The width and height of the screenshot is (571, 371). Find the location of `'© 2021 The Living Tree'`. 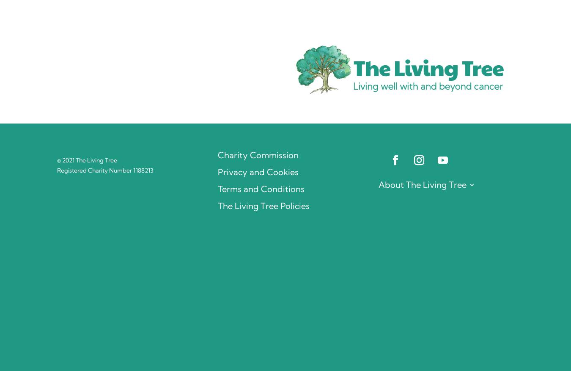

'© 2021 The Living Tree' is located at coordinates (87, 160).